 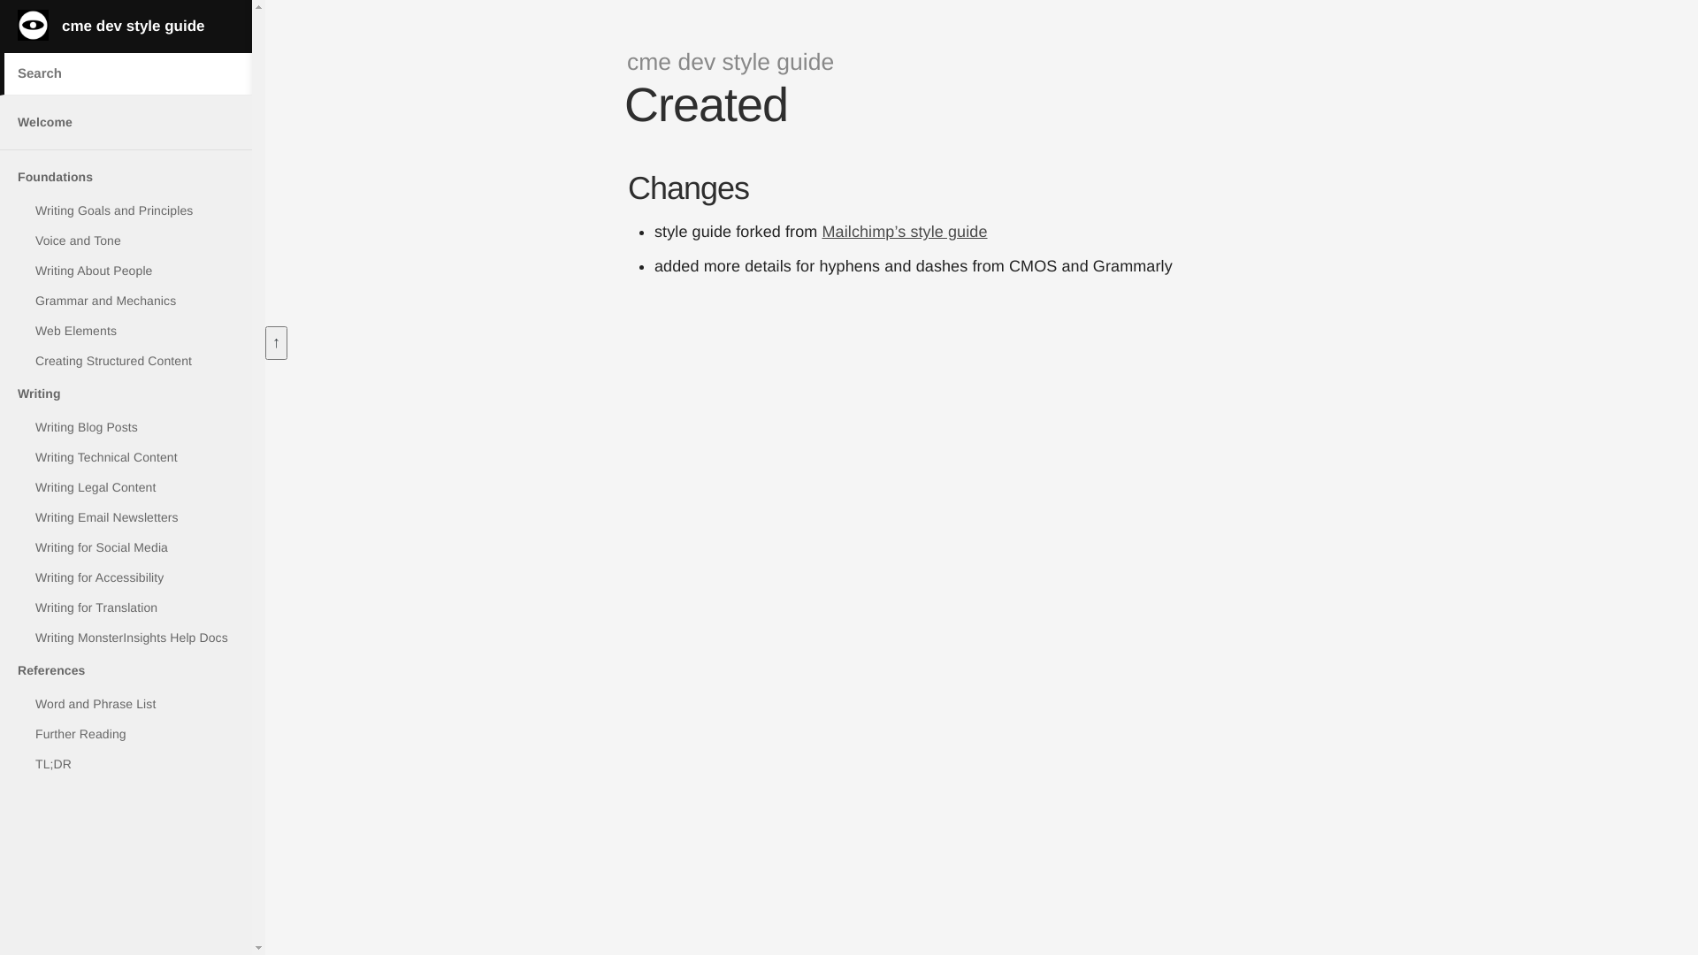 What do you see at coordinates (125, 270) in the screenshot?
I see `'Writing About People'` at bounding box center [125, 270].